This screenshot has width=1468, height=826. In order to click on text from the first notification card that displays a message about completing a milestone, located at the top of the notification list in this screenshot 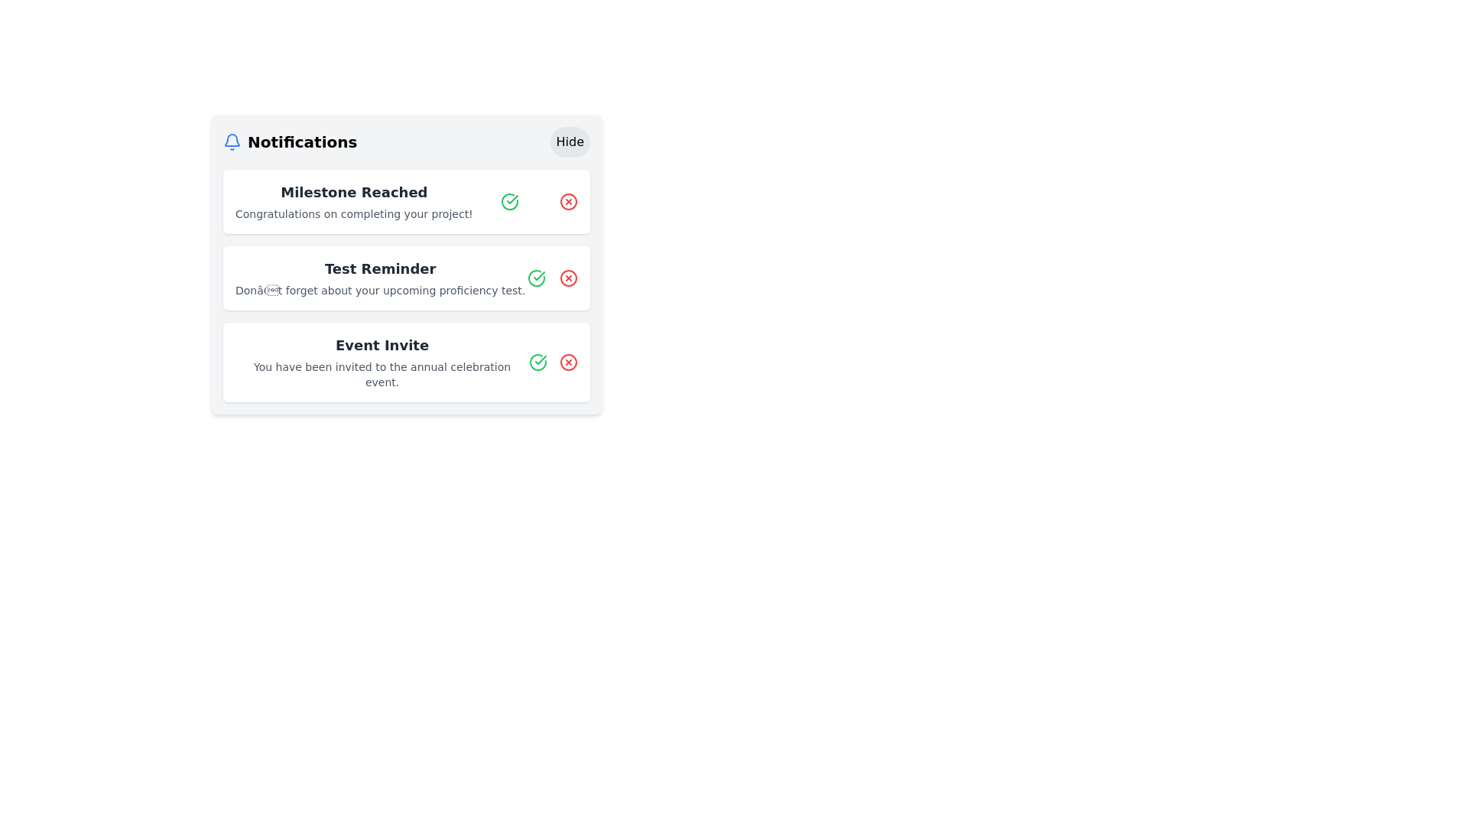, I will do `click(407, 200)`.